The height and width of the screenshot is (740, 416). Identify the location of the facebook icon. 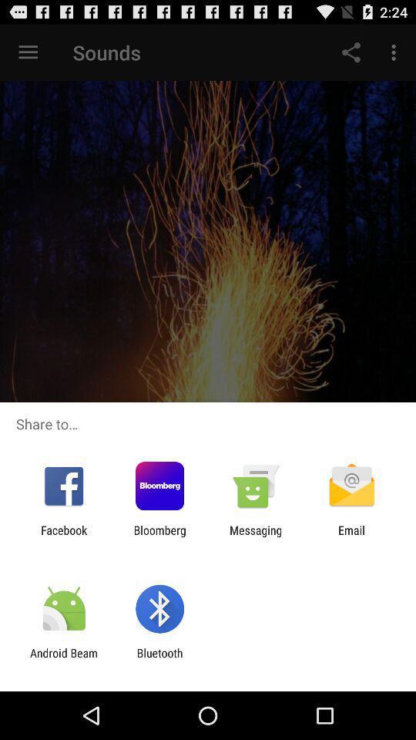
(63, 536).